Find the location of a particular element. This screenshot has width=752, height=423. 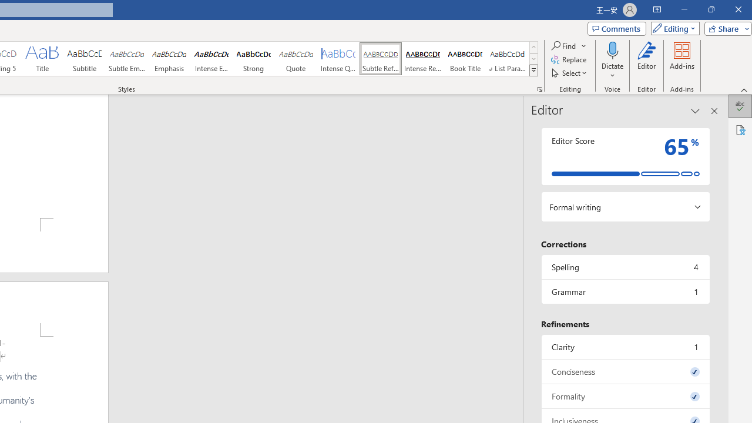

'Subtle Emphasis' is located at coordinates (127, 59).